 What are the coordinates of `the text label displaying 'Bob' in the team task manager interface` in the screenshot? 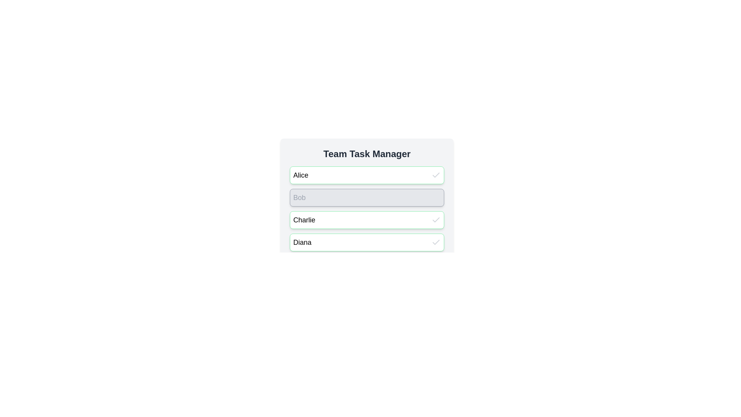 It's located at (299, 197).